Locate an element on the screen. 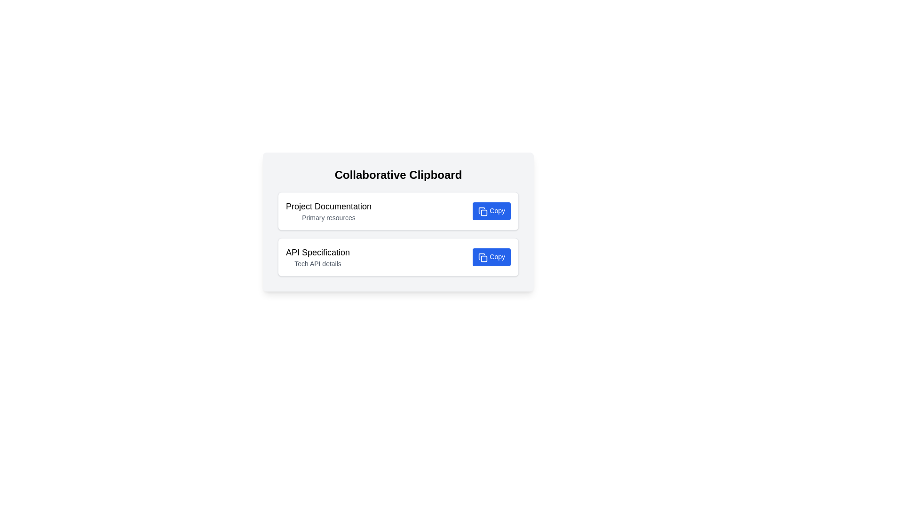  the label displaying the text 'Project Documentation', which is a bold font static text located above the 'Primary resources' text within a white card in the 'Collaborative Clipboard' section is located at coordinates (329, 206).